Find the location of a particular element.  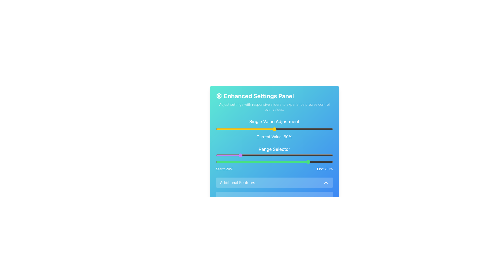

the slider is located at coordinates (253, 162).